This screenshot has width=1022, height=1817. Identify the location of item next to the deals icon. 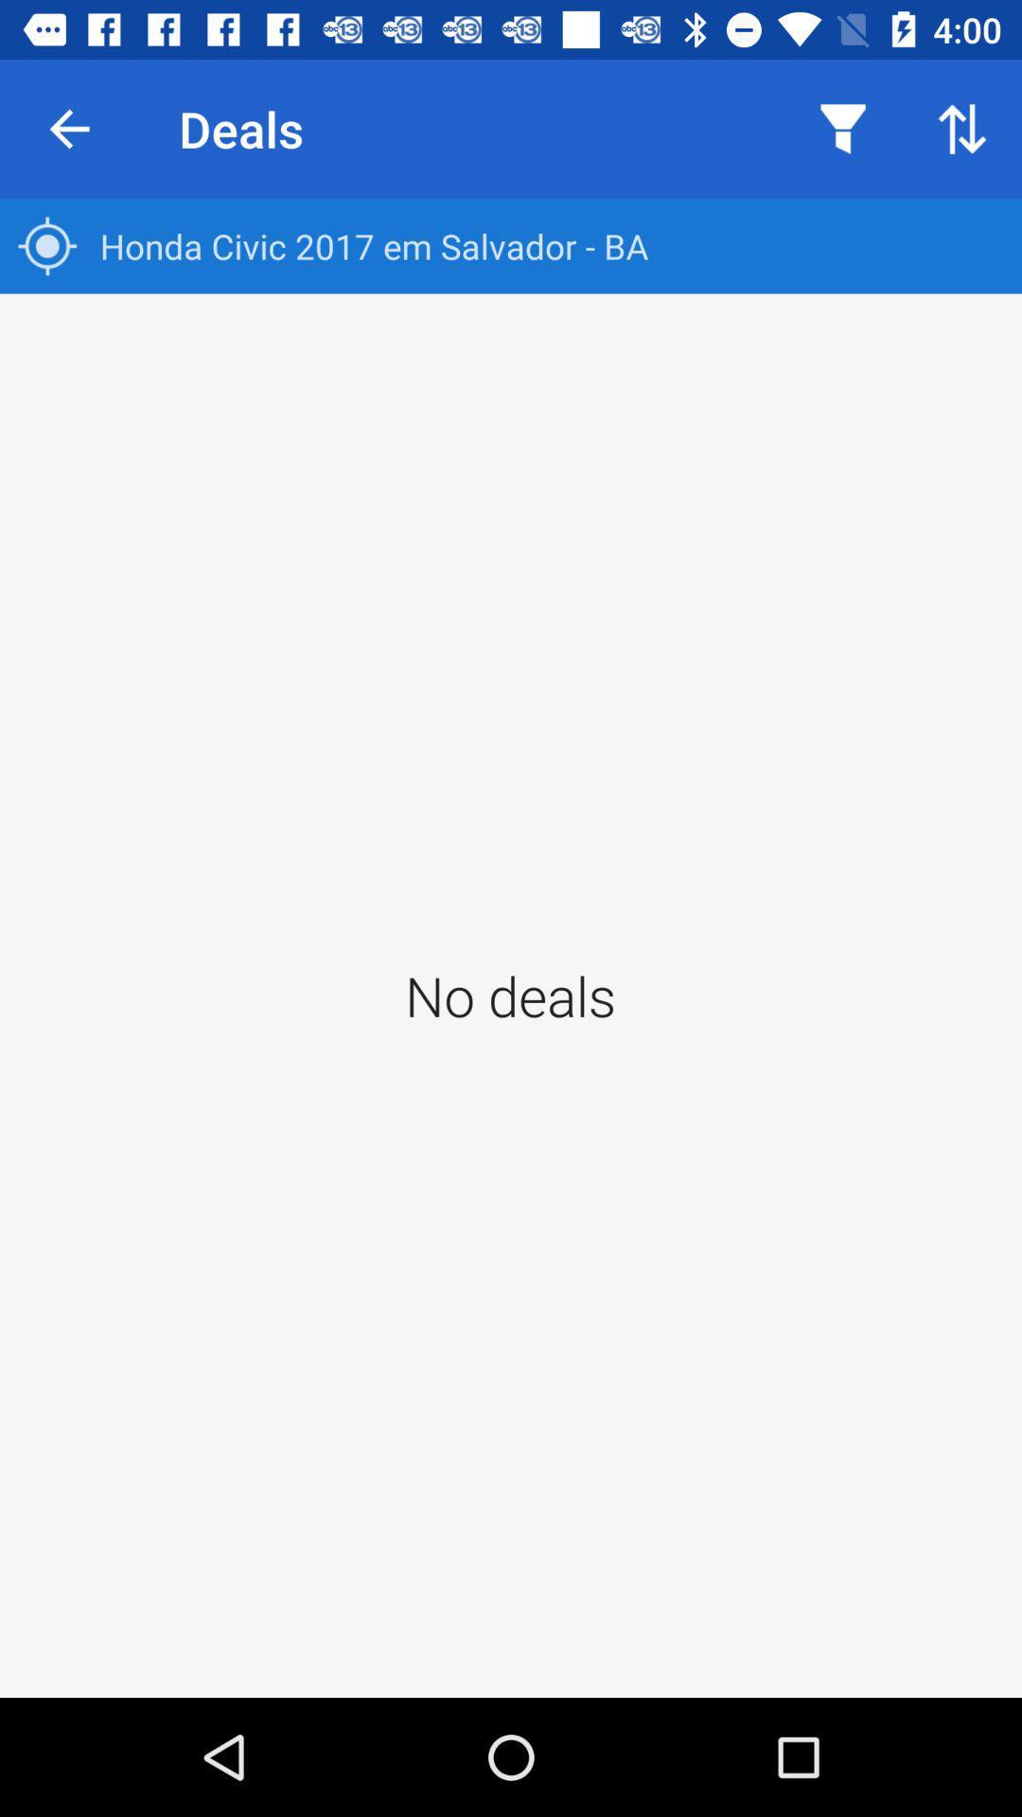
(68, 128).